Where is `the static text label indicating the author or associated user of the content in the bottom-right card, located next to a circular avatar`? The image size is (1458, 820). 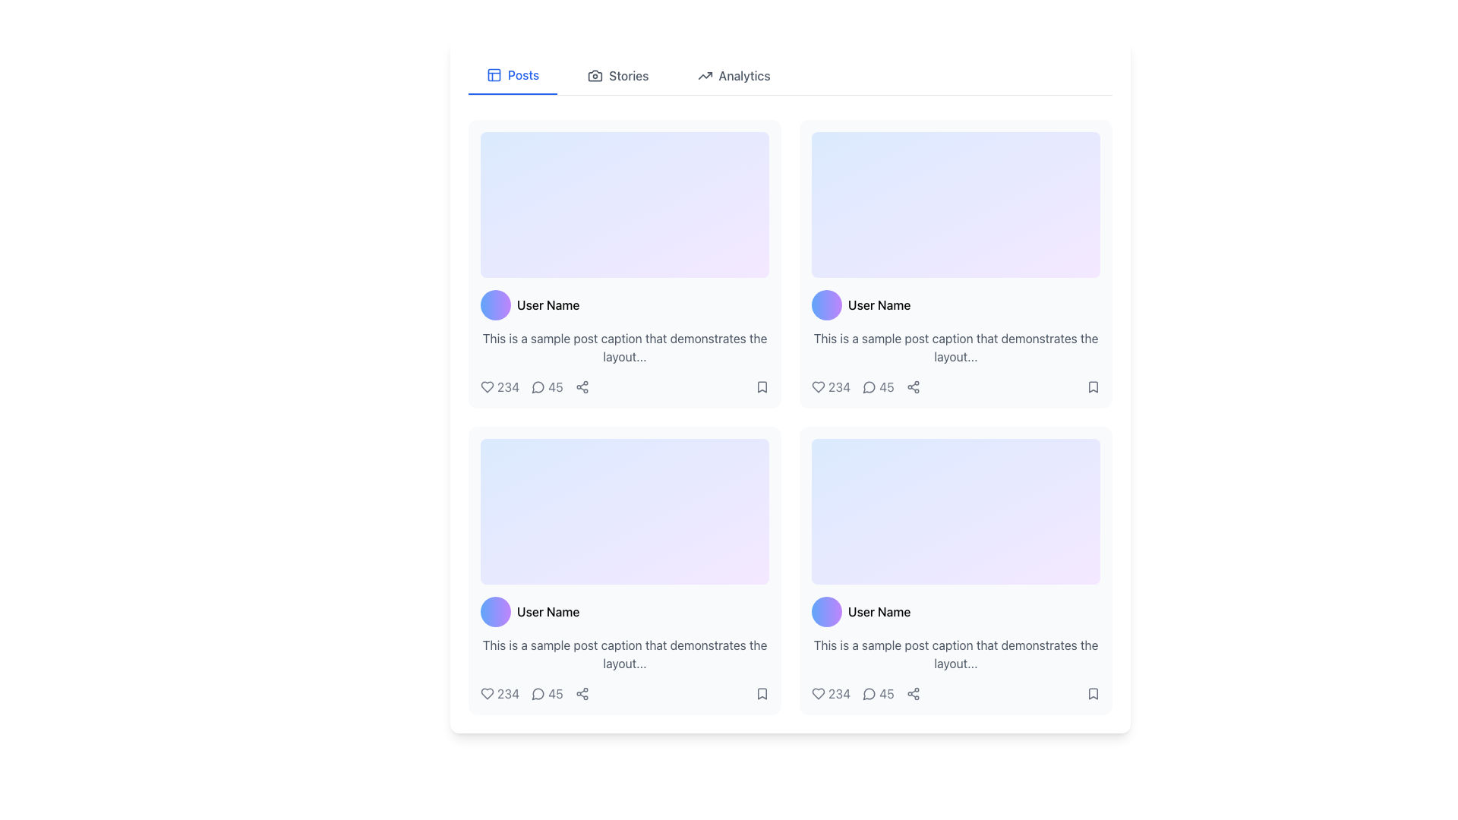
the static text label indicating the author or associated user of the content in the bottom-right card, located next to a circular avatar is located at coordinates (879, 611).